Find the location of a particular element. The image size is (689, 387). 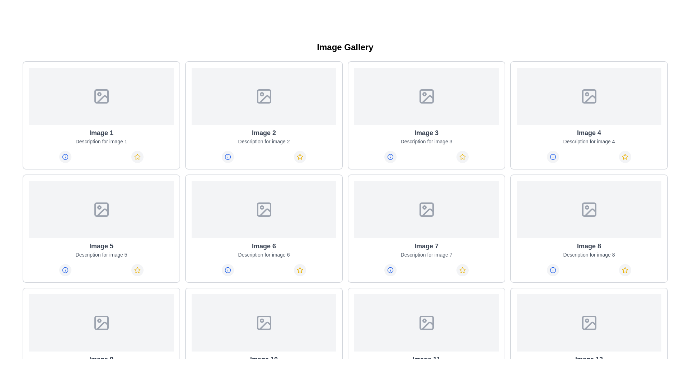

the circular part of the 'info' icon located below 'Image 8' in the gallery layout is located at coordinates (552, 270).